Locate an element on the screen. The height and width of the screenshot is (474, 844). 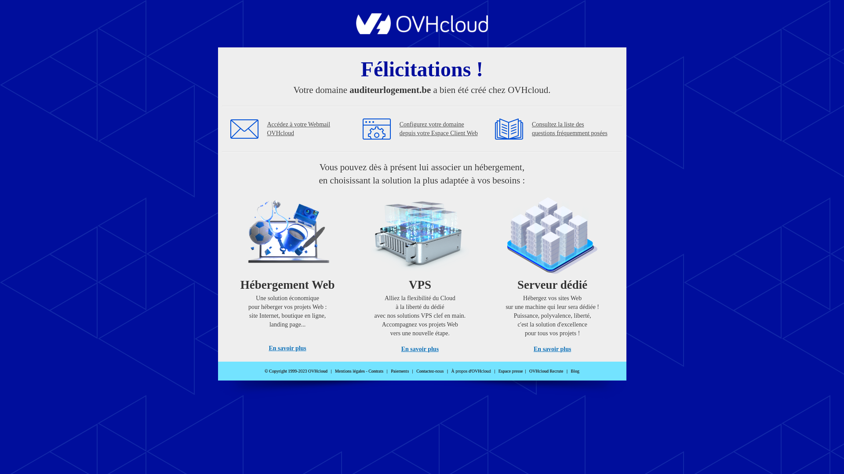
'Espace presse' is located at coordinates (498, 371).